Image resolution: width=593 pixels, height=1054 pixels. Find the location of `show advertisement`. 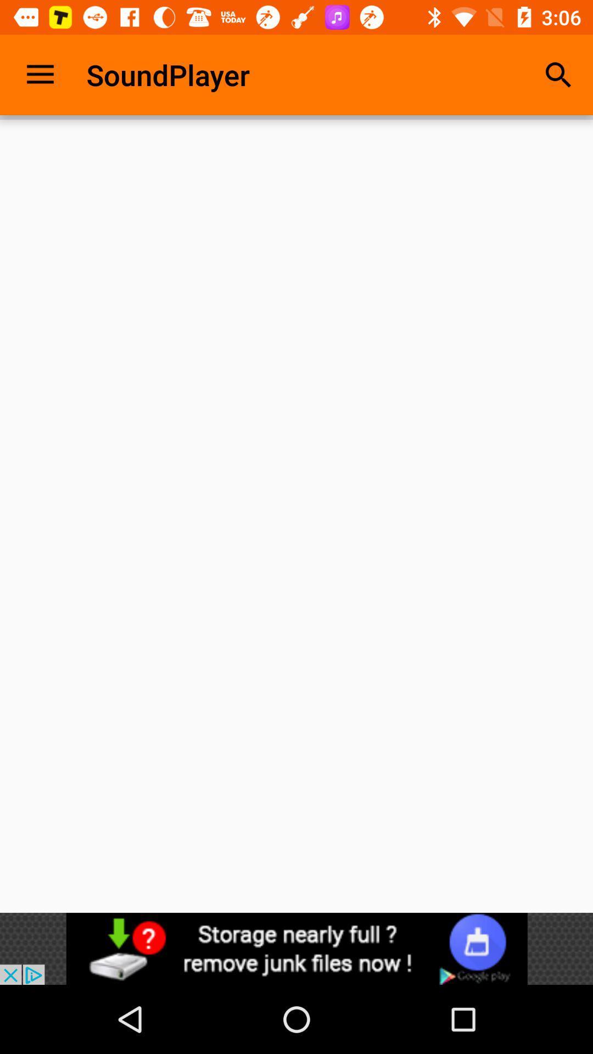

show advertisement is located at coordinates (296, 948).